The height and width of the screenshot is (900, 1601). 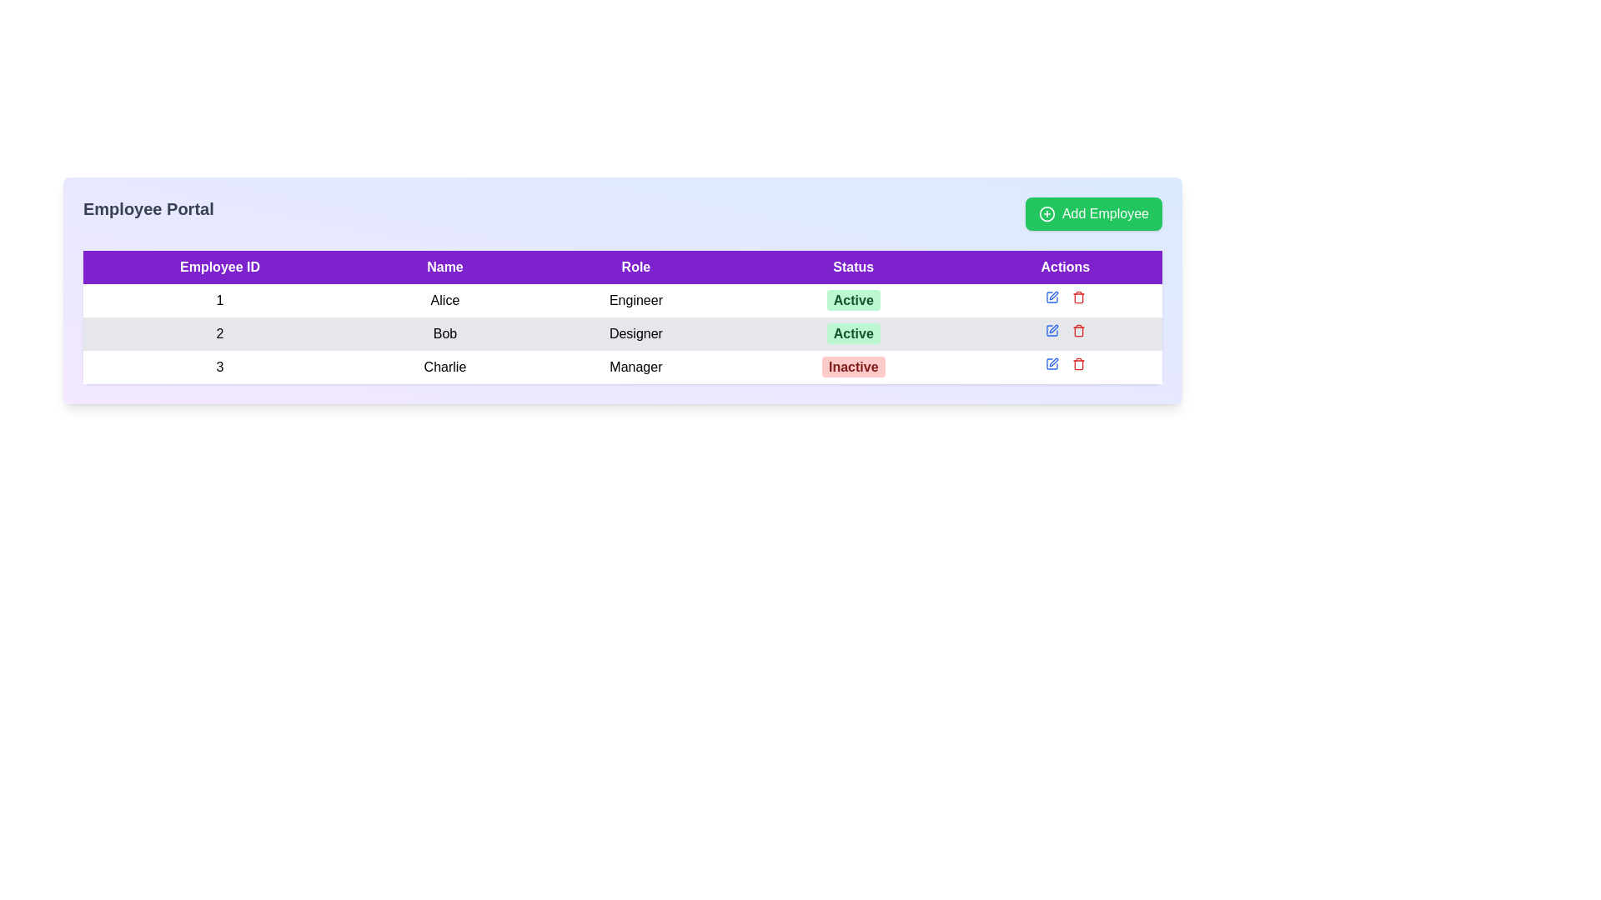 What do you see at coordinates (444, 334) in the screenshot?
I see `the text label displaying the name 'Bob', which is located in the second row under the 'Name' column of the employee table` at bounding box center [444, 334].